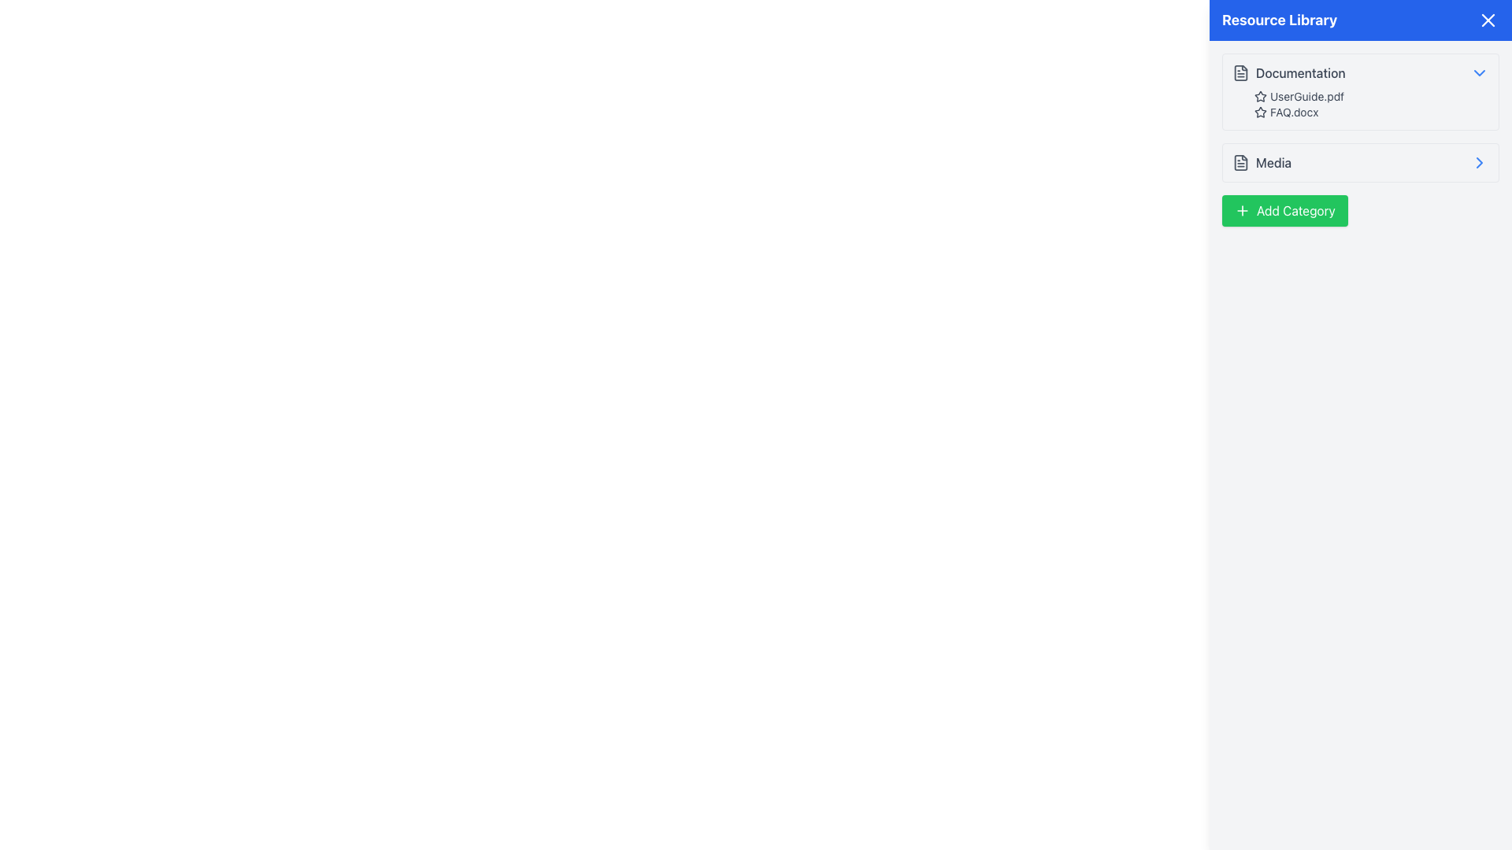  Describe the element at coordinates (1242, 209) in the screenshot. I see `the SVG icon shaped like a cross within the green 'Add Category' button located on the right side of the interface beneath the 'Media' section` at that location.